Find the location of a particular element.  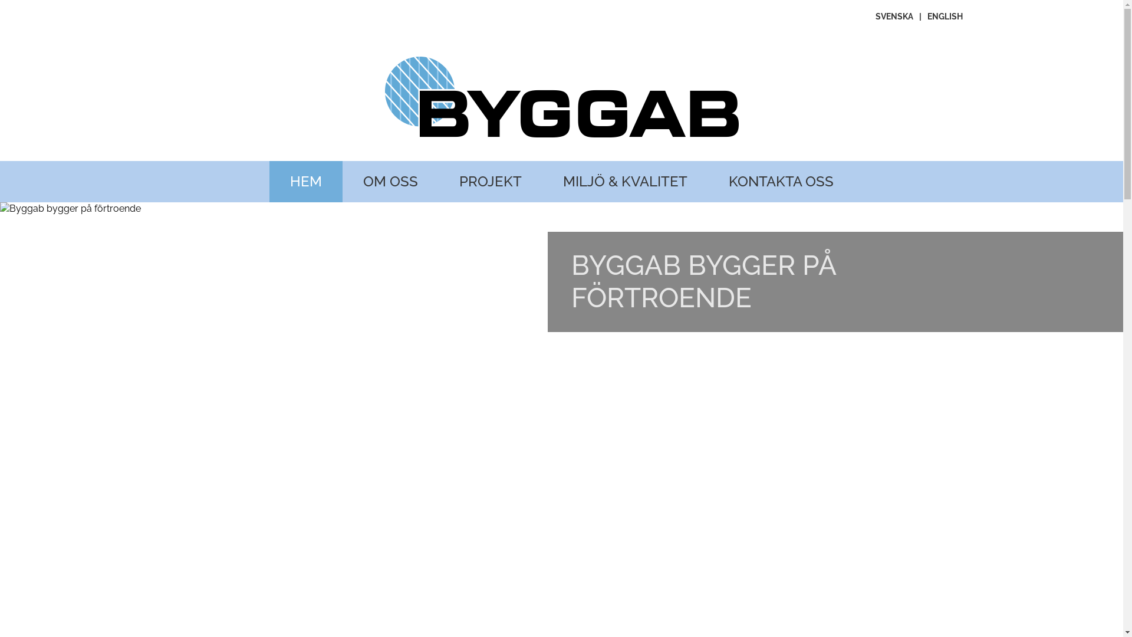

'SVENSKA' is located at coordinates (894, 16).